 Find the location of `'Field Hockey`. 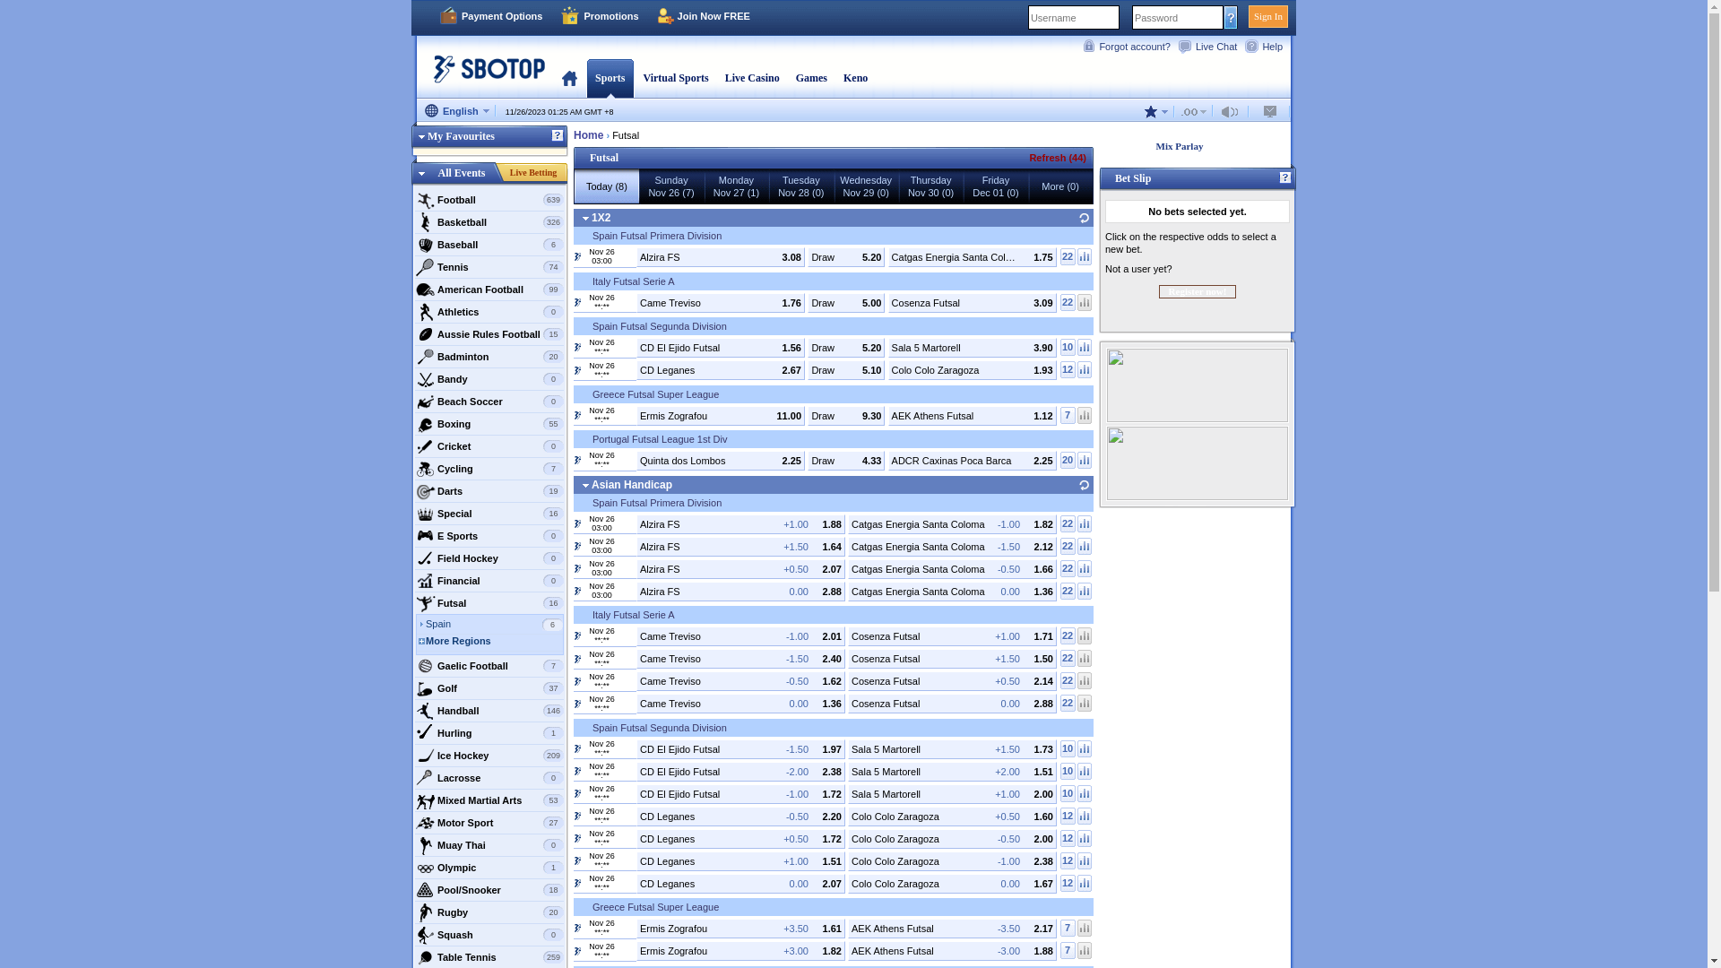

'Field Hockey is located at coordinates (489, 557).